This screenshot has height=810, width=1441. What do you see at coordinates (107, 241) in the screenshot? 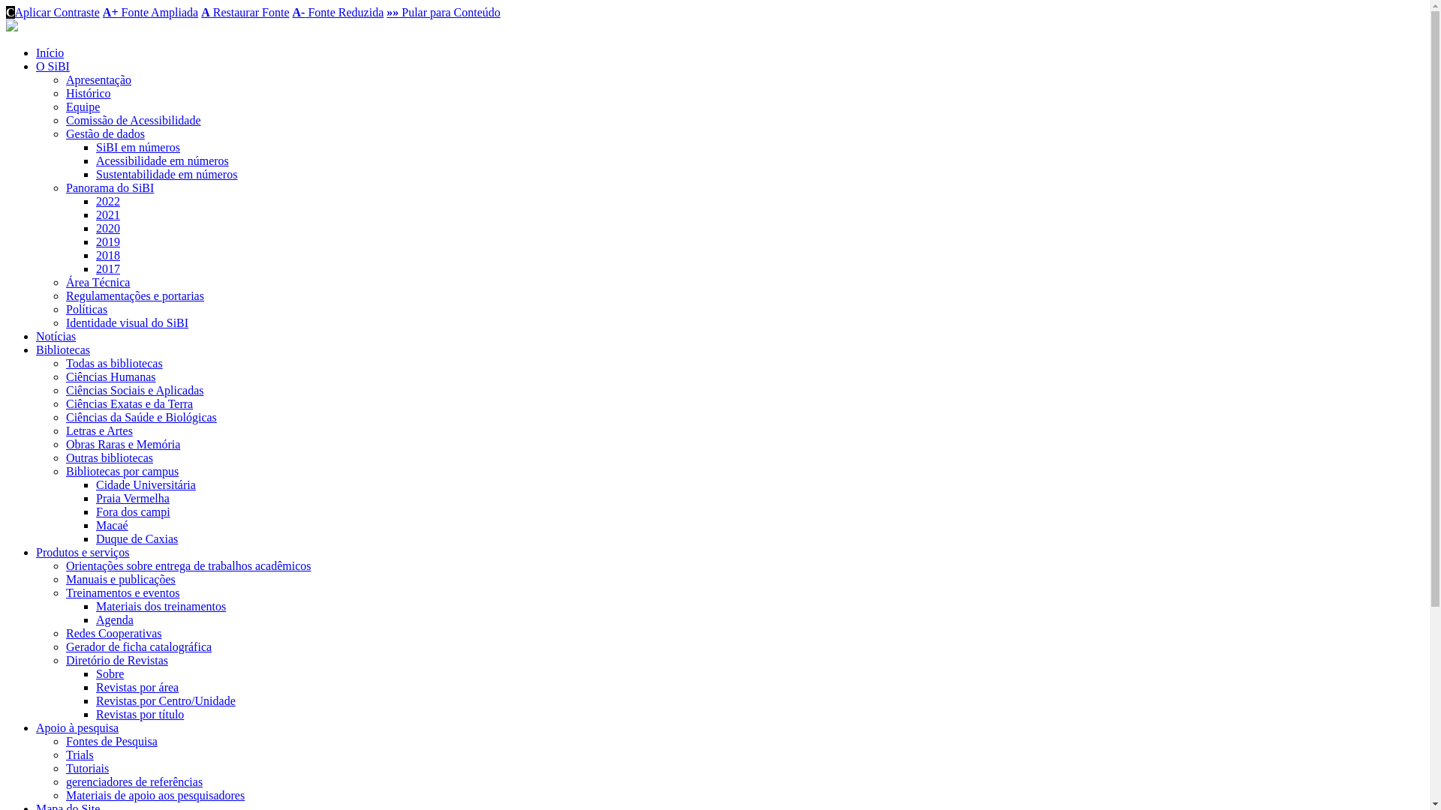
I see `'2019'` at bounding box center [107, 241].